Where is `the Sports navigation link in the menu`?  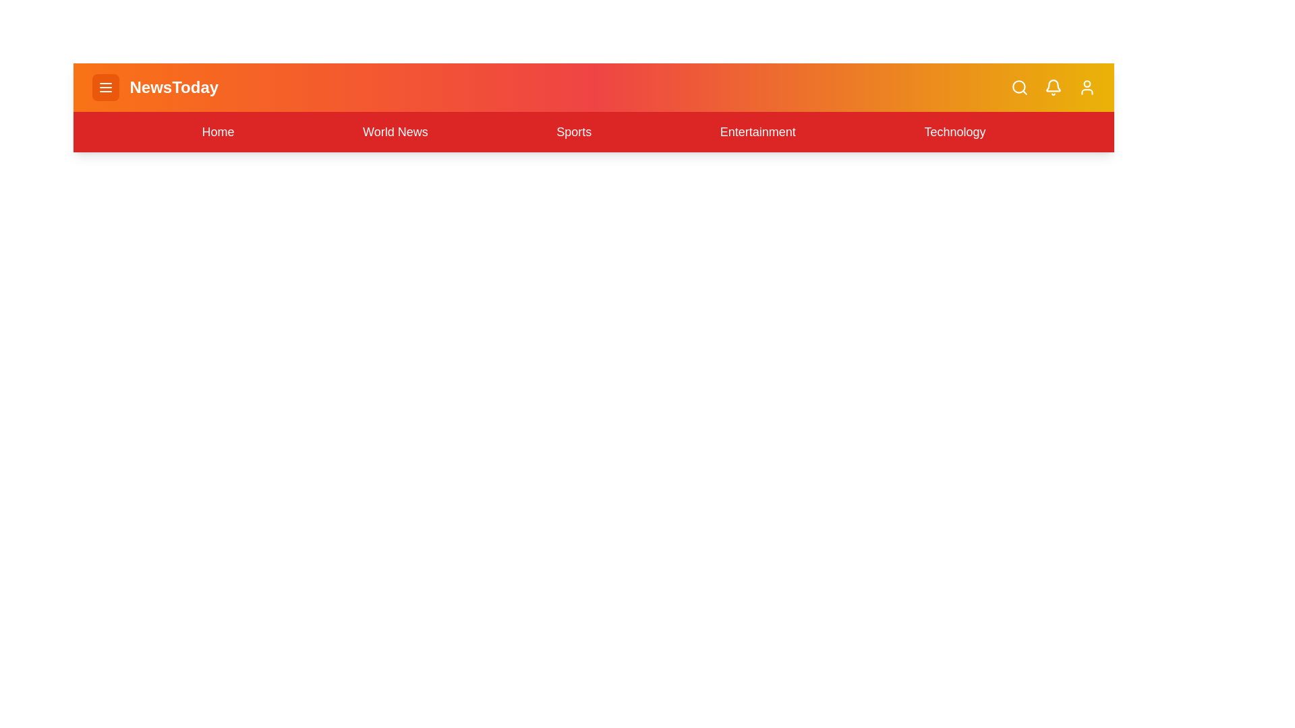 the Sports navigation link in the menu is located at coordinates (574, 132).